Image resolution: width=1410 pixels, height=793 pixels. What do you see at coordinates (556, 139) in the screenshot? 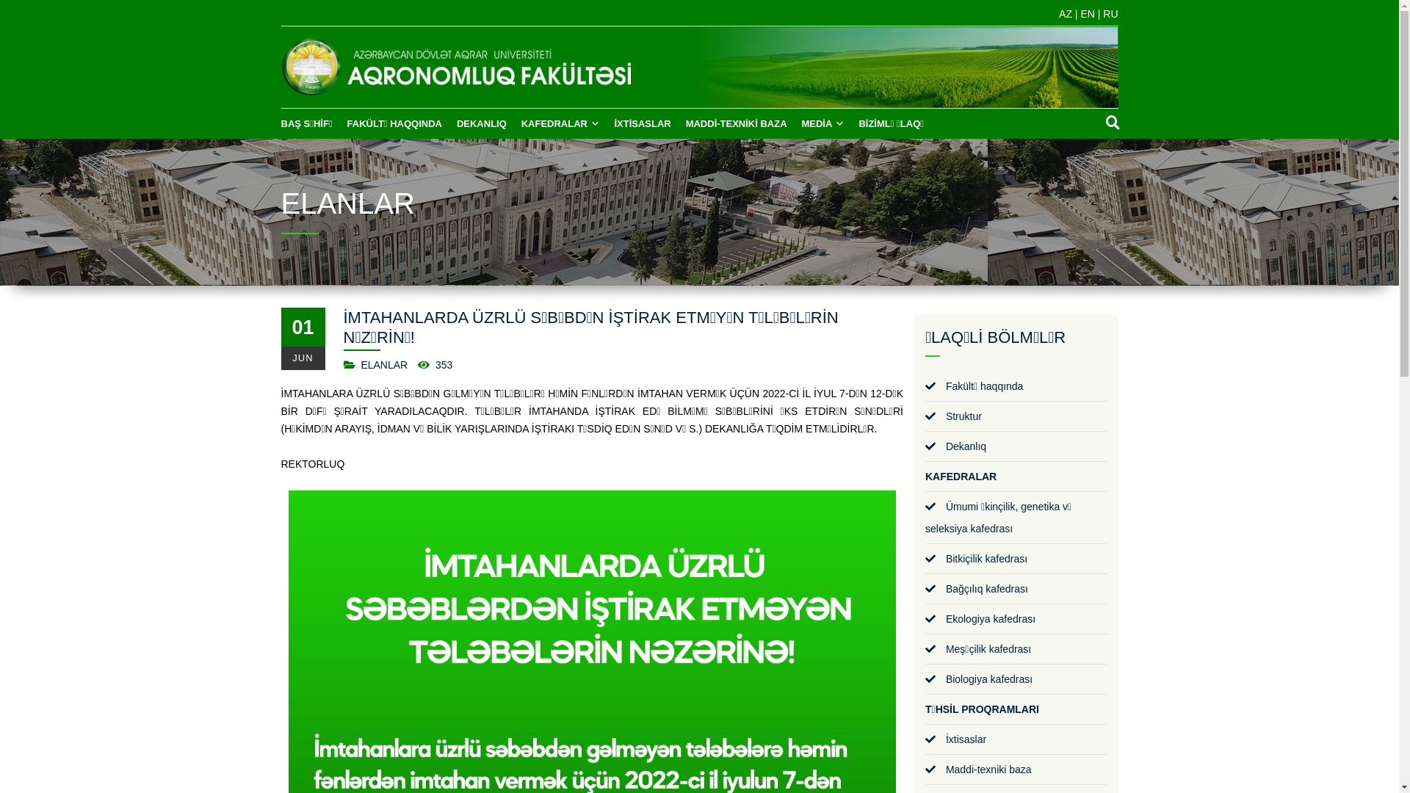
I see `'KAFEDRALAR'` at bounding box center [556, 139].